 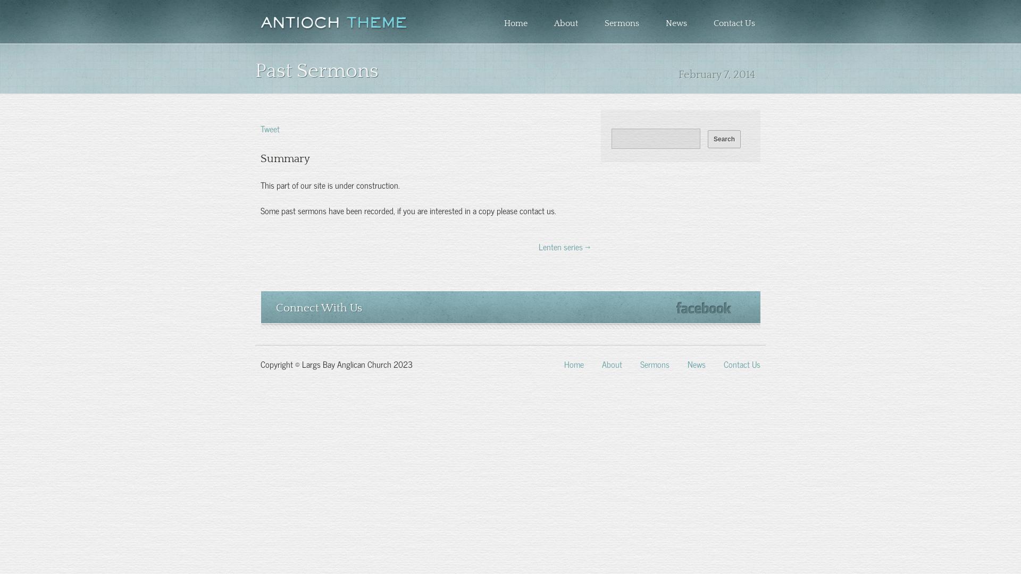 What do you see at coordinates (504, 23) in the screenshot?
I see `'Home'` at bounding box center [504, 23].